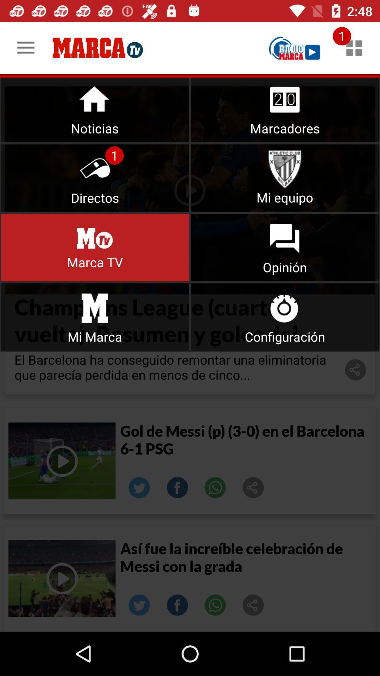 Image resolution: width=380 pixels, height=676 pixels. Describe the element at coordinates (215, 605) in the screenshot. I see `whatsapp` at that location.